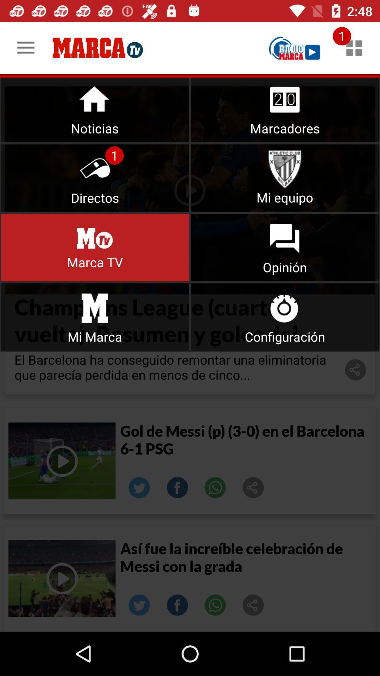 Image resolution: width=380 pixels, height=676 pixels. Describe the element at coordinates (215, 605) in the screenshot. I see `whatsapp` at that location.